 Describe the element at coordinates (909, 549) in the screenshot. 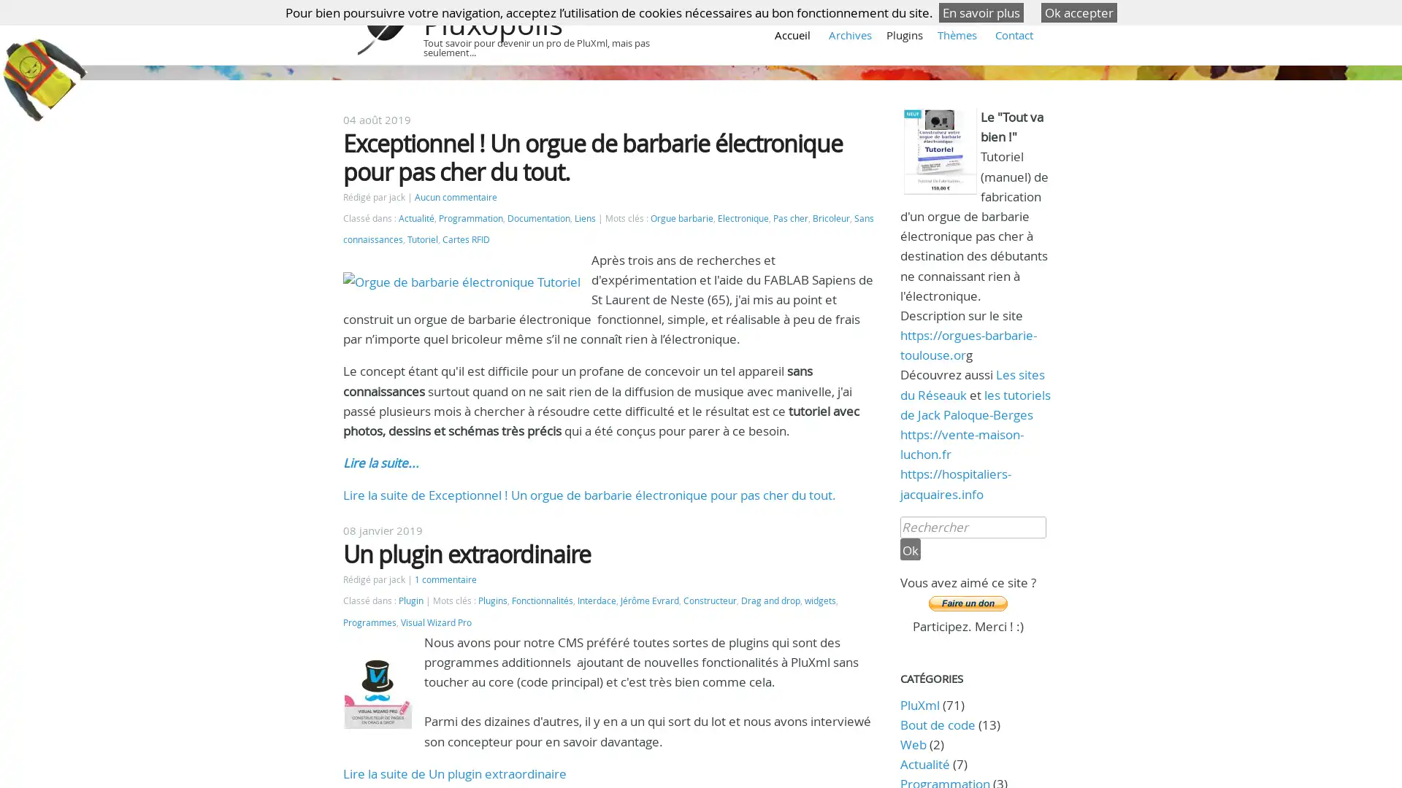

I see `Ok` at that location.